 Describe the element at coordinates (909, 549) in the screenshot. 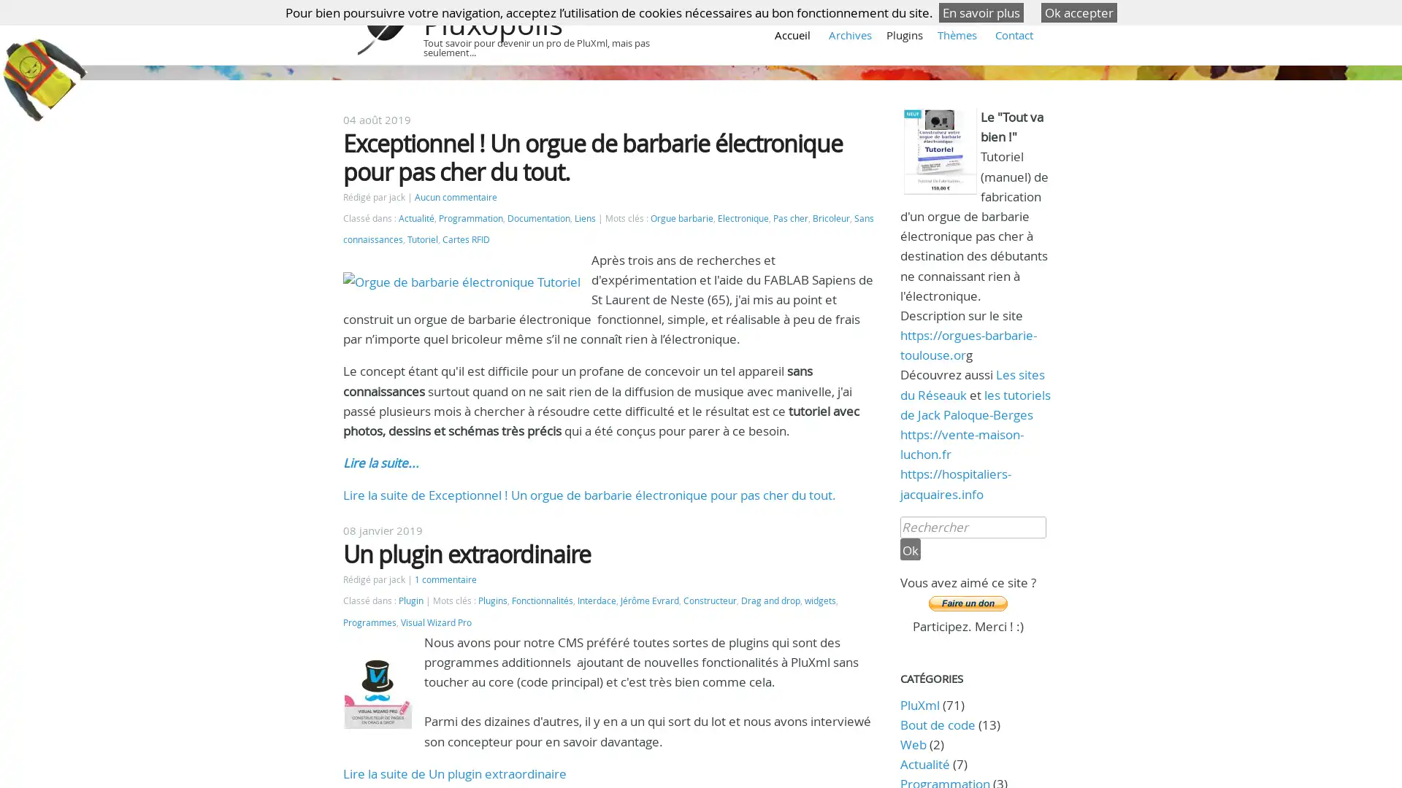

I see `Ok` at that location.